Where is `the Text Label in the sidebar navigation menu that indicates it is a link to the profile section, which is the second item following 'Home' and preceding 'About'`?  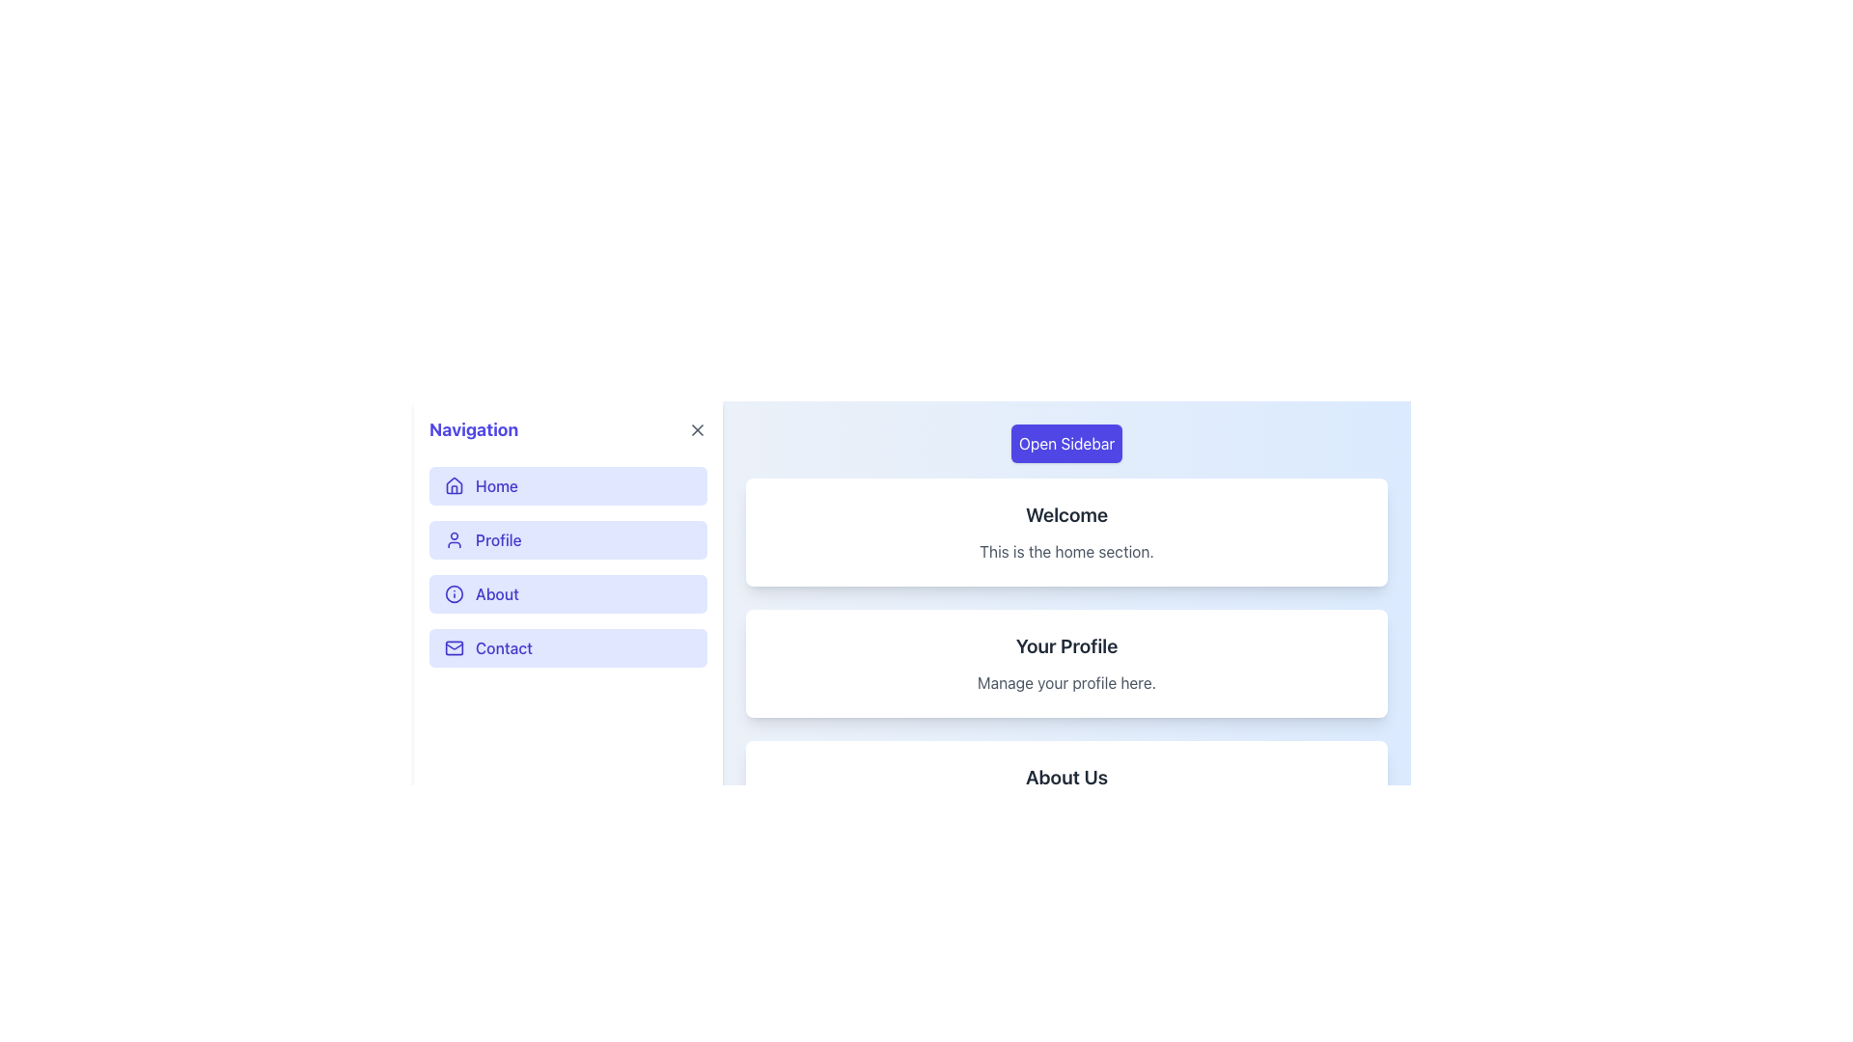 the Text Label in the sidebar navigation menu that indicates it is a link to the profile section, which is the second item following 'Home' and preceding 'About' is located at coordinates (498, 539).